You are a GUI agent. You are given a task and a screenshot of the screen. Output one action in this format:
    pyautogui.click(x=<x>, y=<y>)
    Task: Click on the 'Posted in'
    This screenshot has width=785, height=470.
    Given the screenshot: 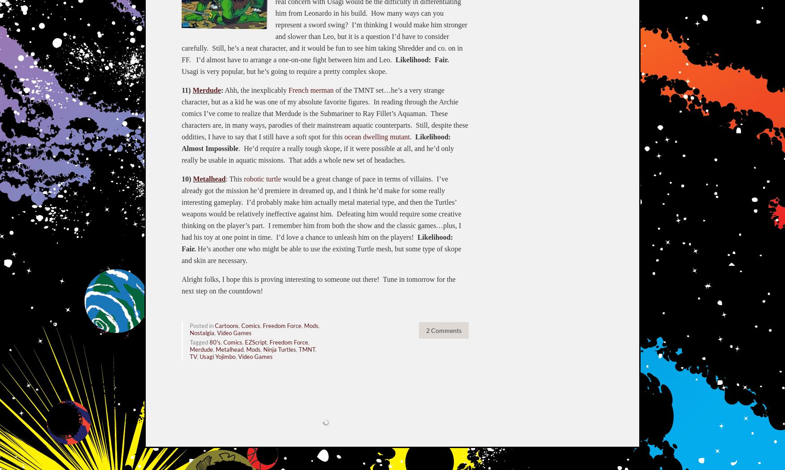 What is the action you would take?
    pyautogui.click(x=202, y=325)
    